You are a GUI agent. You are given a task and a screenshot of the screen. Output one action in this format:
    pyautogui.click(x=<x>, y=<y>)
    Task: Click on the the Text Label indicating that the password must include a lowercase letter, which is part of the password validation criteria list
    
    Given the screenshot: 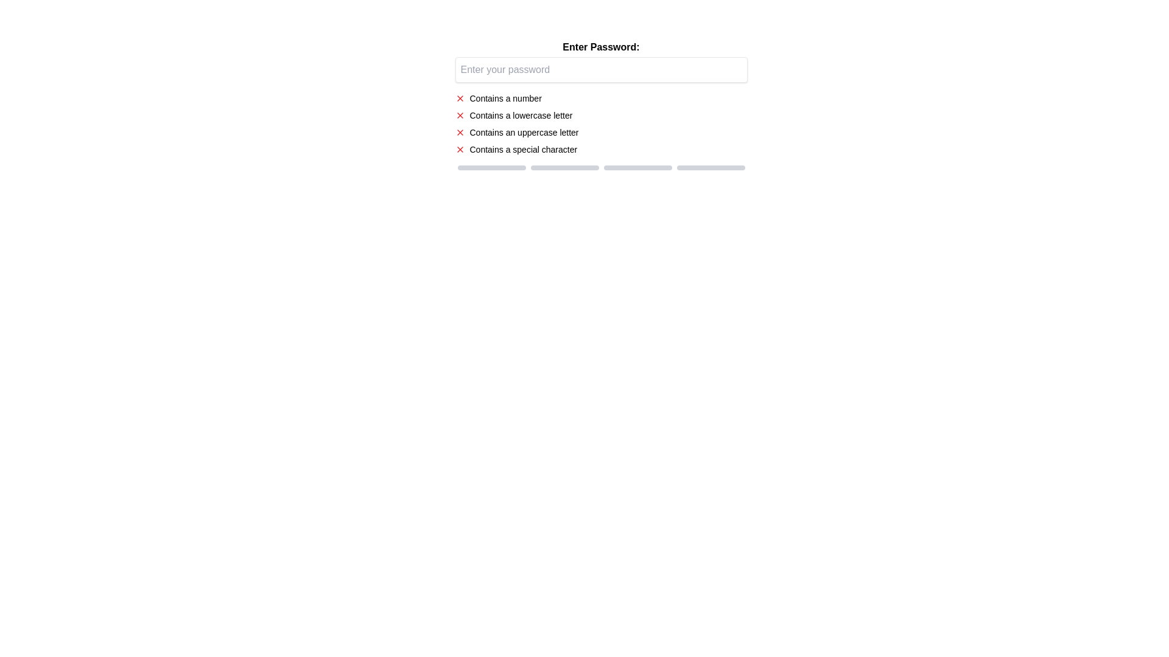 What is the action you would take?
    pyautogui.click(x=521, y=115)
    